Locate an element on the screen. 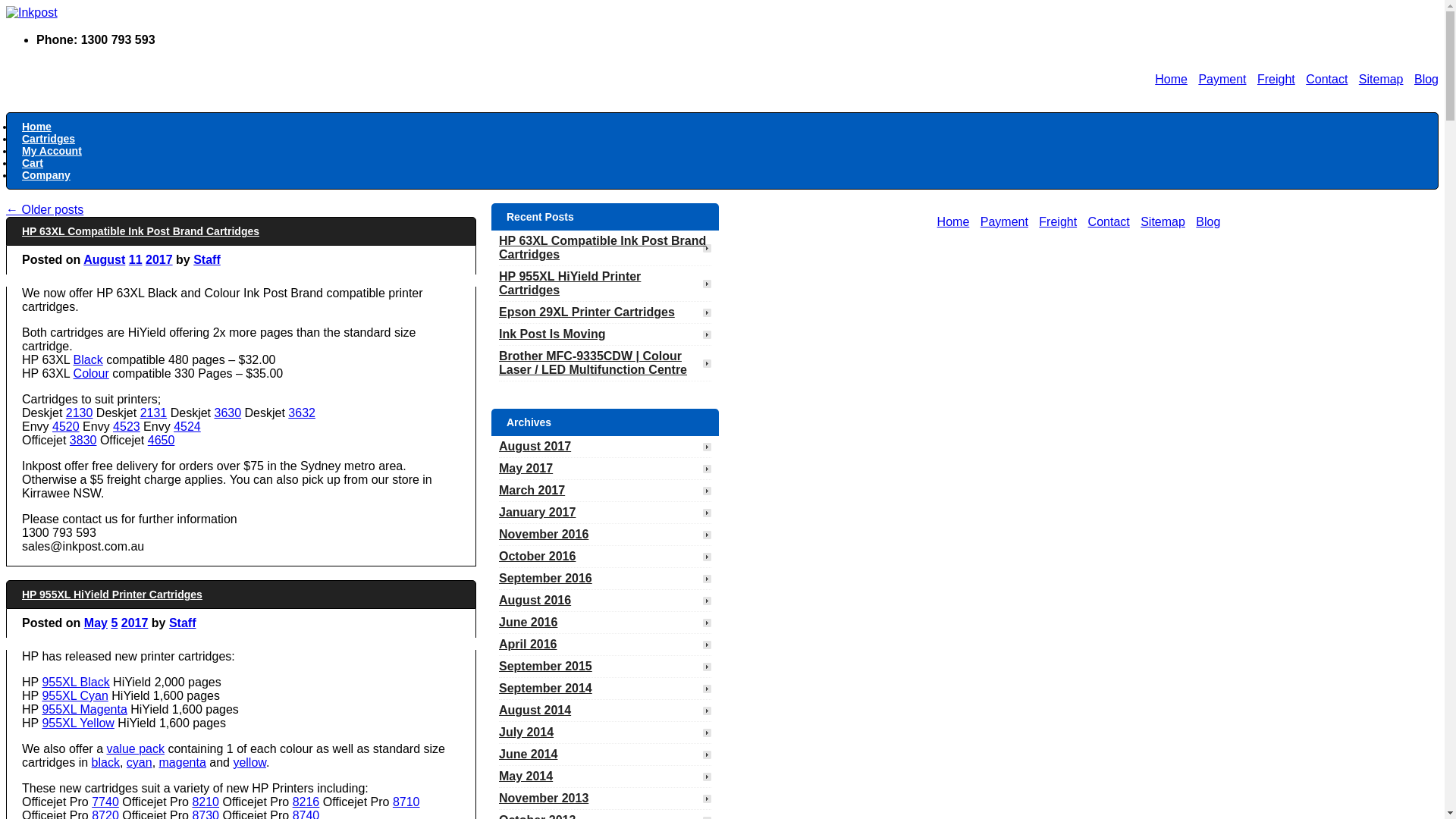  'May 2017' is located at coordinates (498, 467).